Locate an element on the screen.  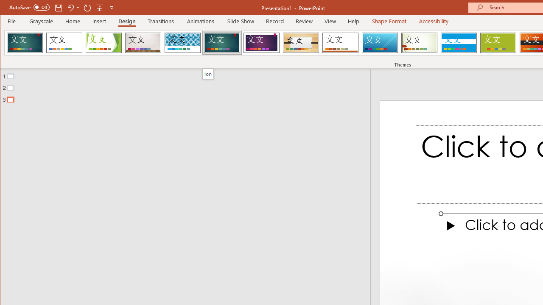
'Facet' is located at coordinates (103, 42).